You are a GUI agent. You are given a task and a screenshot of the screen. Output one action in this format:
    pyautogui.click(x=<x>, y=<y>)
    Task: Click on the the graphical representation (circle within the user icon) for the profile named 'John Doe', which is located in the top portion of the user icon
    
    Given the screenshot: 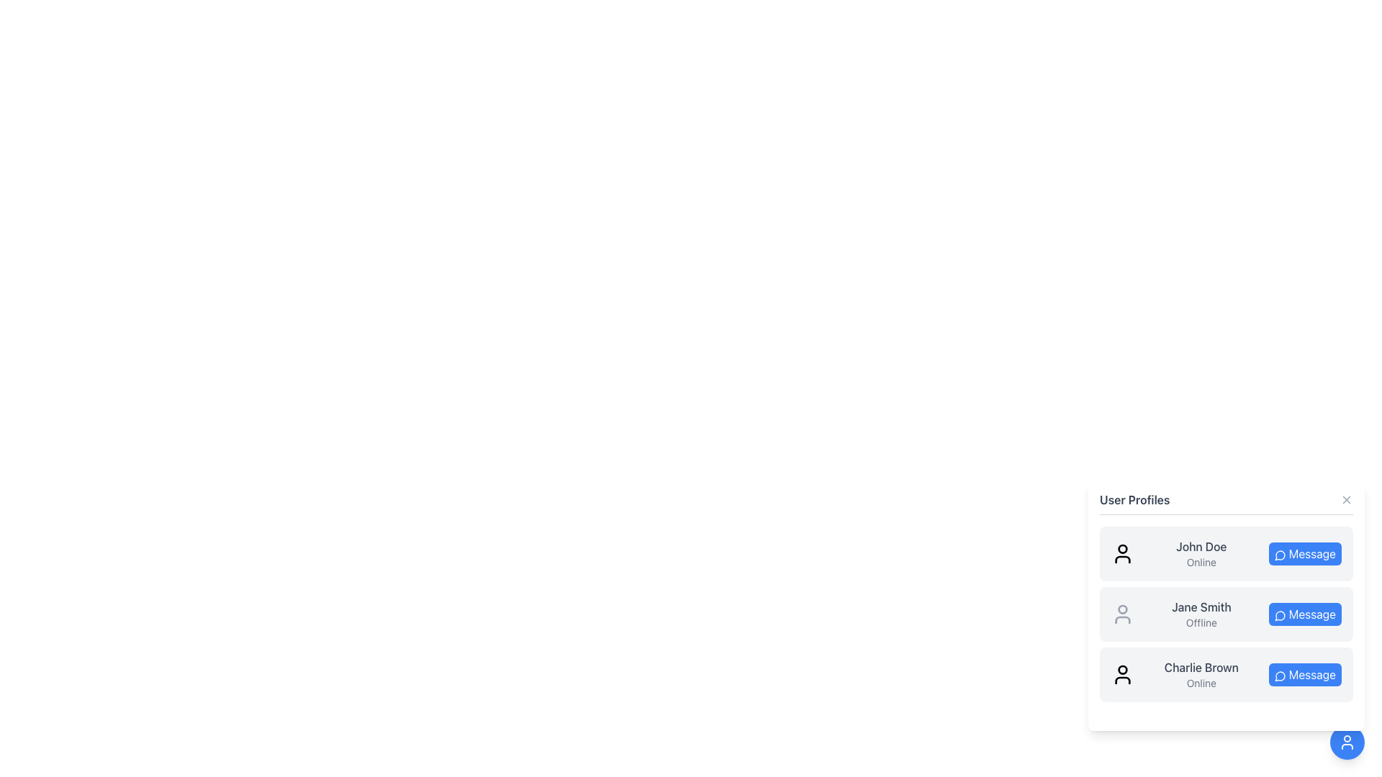 What is the action you would take?
    pyautogui.click(x=1122, y=549)
    